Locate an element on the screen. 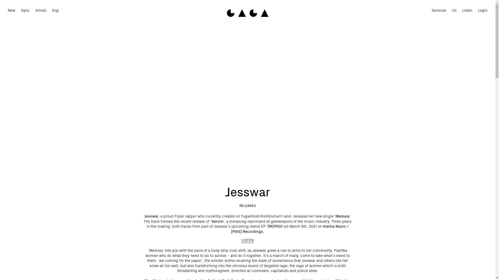 Image resolution: width=499 pixels, height=280 pixels. 'LISTEN' is located at coordinates (241, 240).